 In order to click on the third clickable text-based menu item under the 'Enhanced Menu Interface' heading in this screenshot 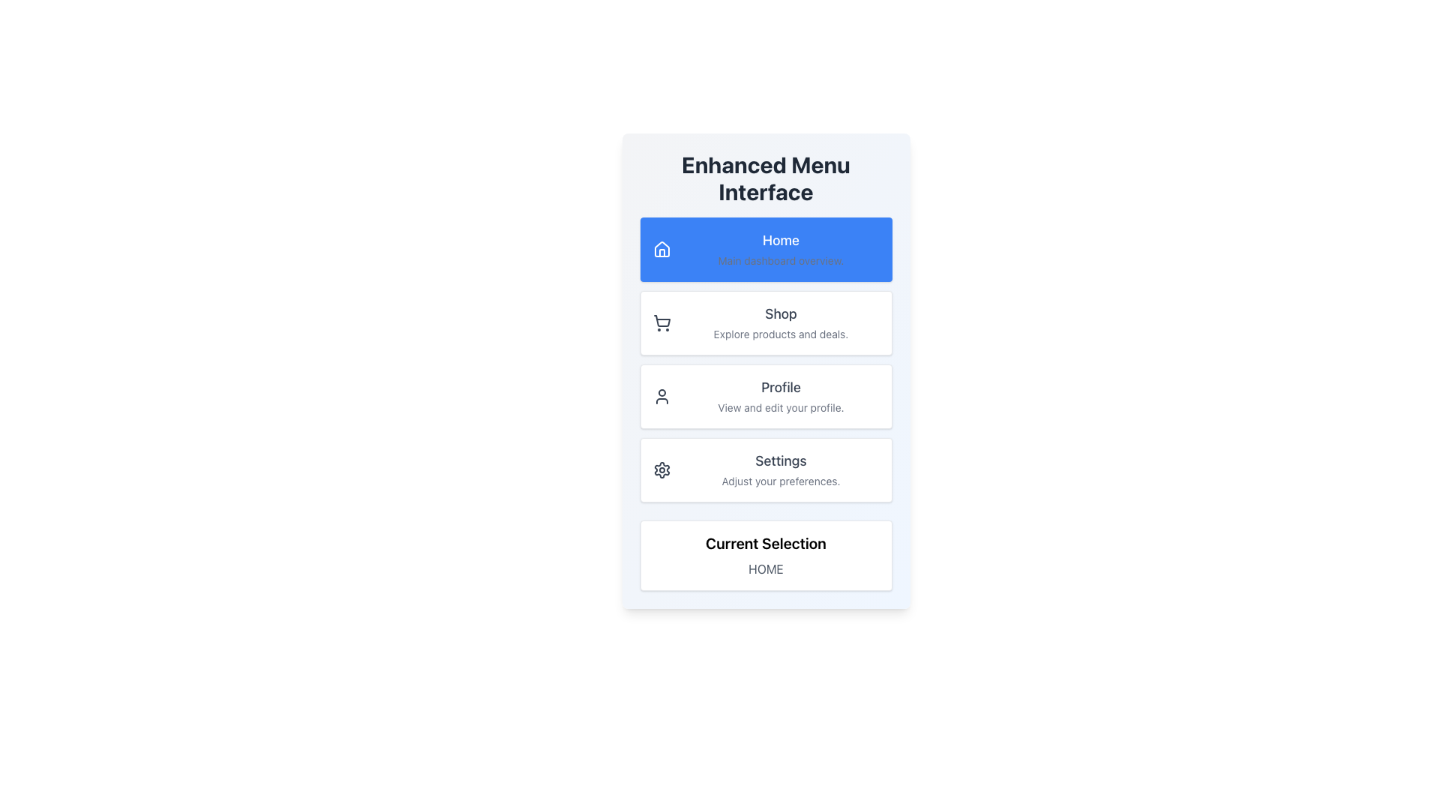, I will do `click(780, 395)`.